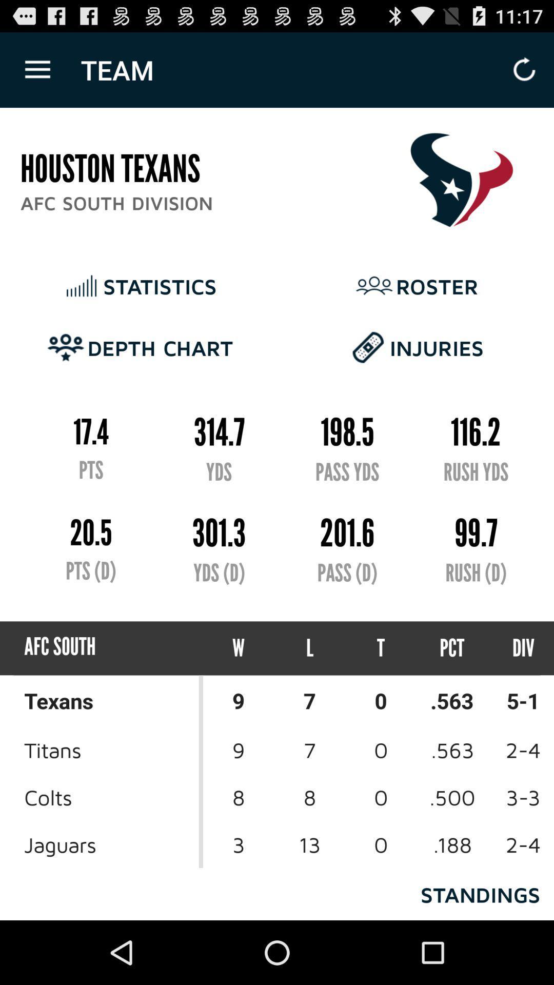 The image size is (554, 985). I want to click on the app next to the team icon, so click(37, 69).